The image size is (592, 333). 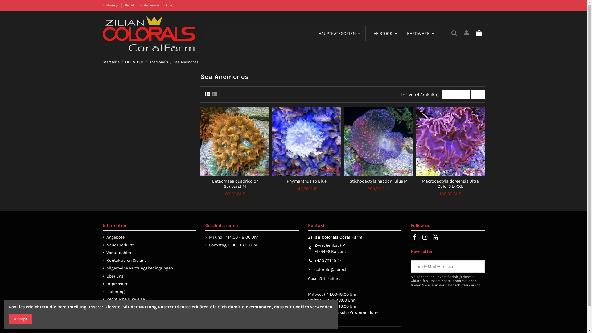 What do you see at coordinates (306, 181) in the screenshot?
I see `'Phymanthus sp Blue'` at bounding box center [306, 181].